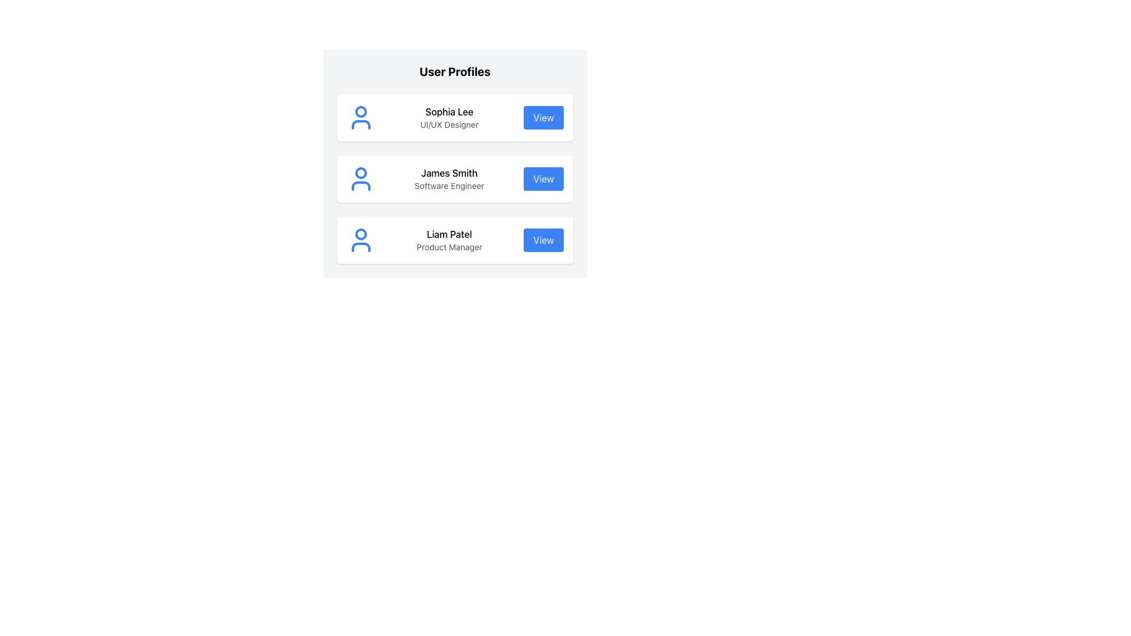  What do you see at coordinates (360, 111) in the screenshot?
I see `graphical blue circle located within the user profile head icon in the top row of the list, which represents the user 'Sophia Lee'` at bounding box center [360, 111].